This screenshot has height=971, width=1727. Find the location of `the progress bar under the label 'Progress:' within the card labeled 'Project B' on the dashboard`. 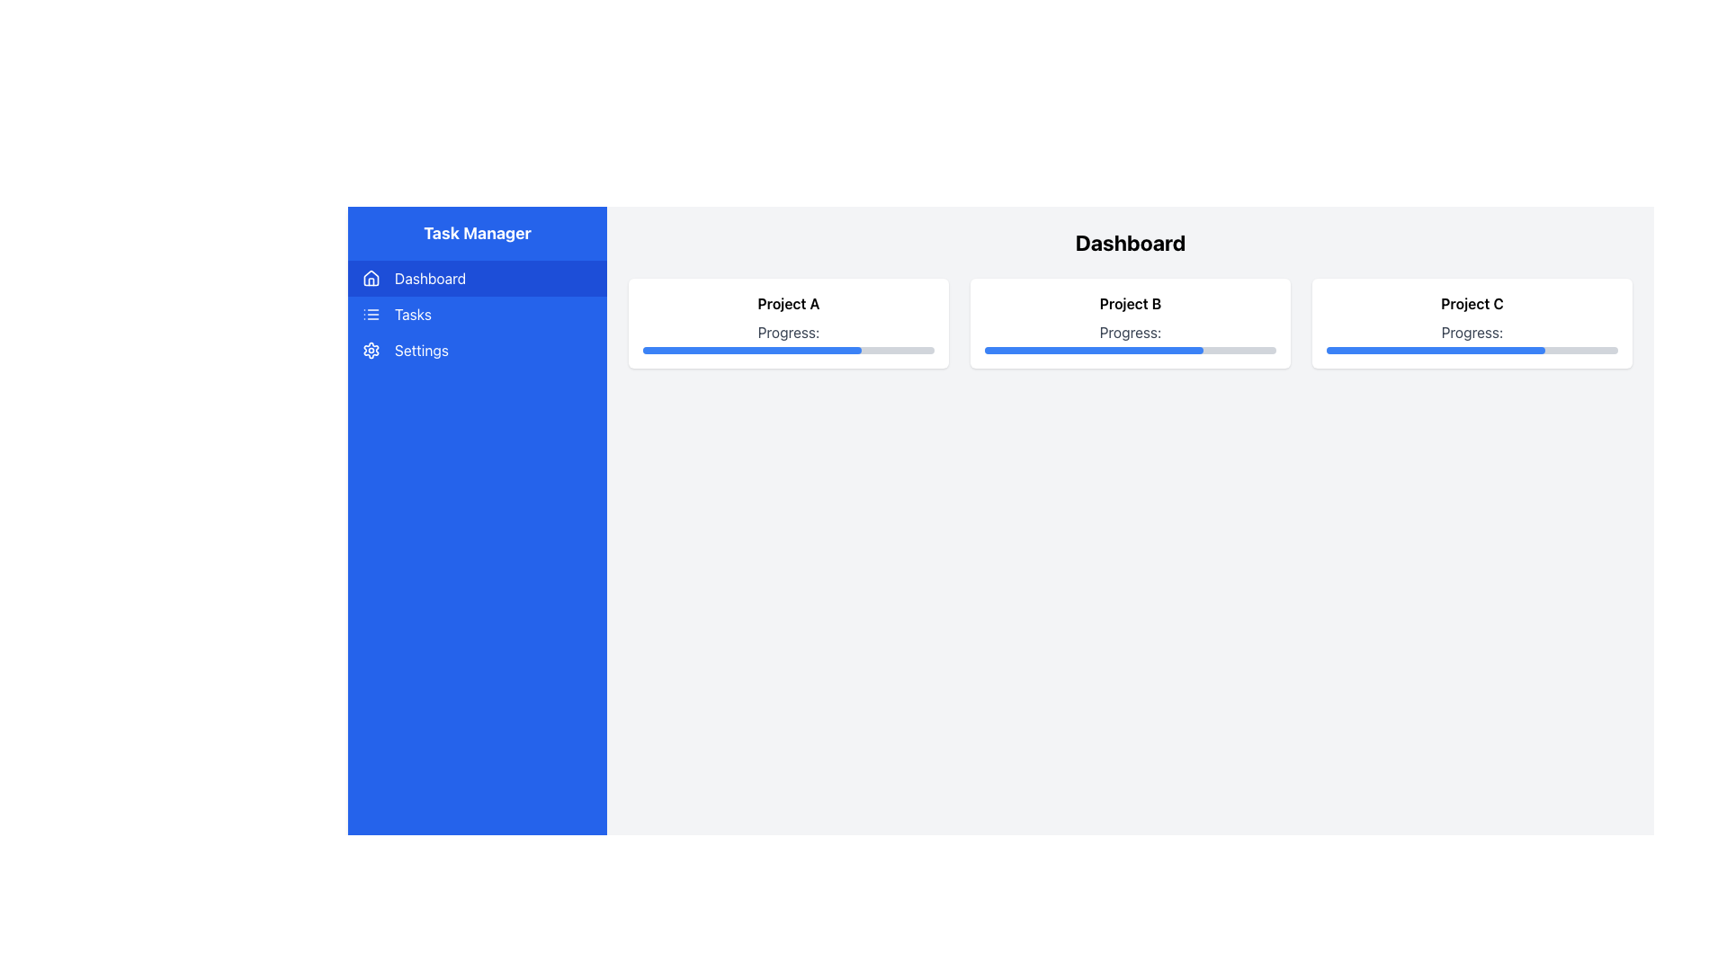

the progress bar under the label 'Progress:' within the card labeled 'Project B' on the dashboard is located at coordinates (1130, 350).